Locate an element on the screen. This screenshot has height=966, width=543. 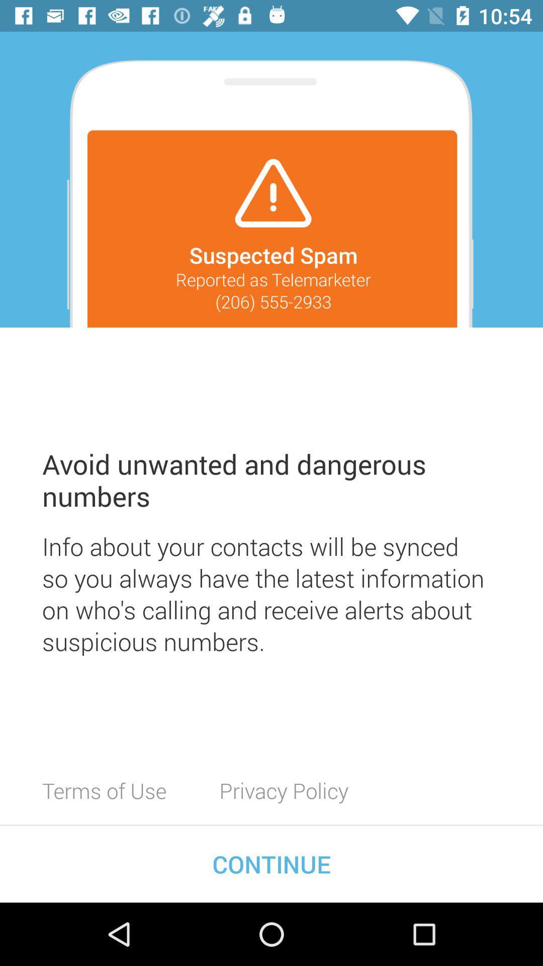
the item below the info about your item is located at coordinates (284, 790).